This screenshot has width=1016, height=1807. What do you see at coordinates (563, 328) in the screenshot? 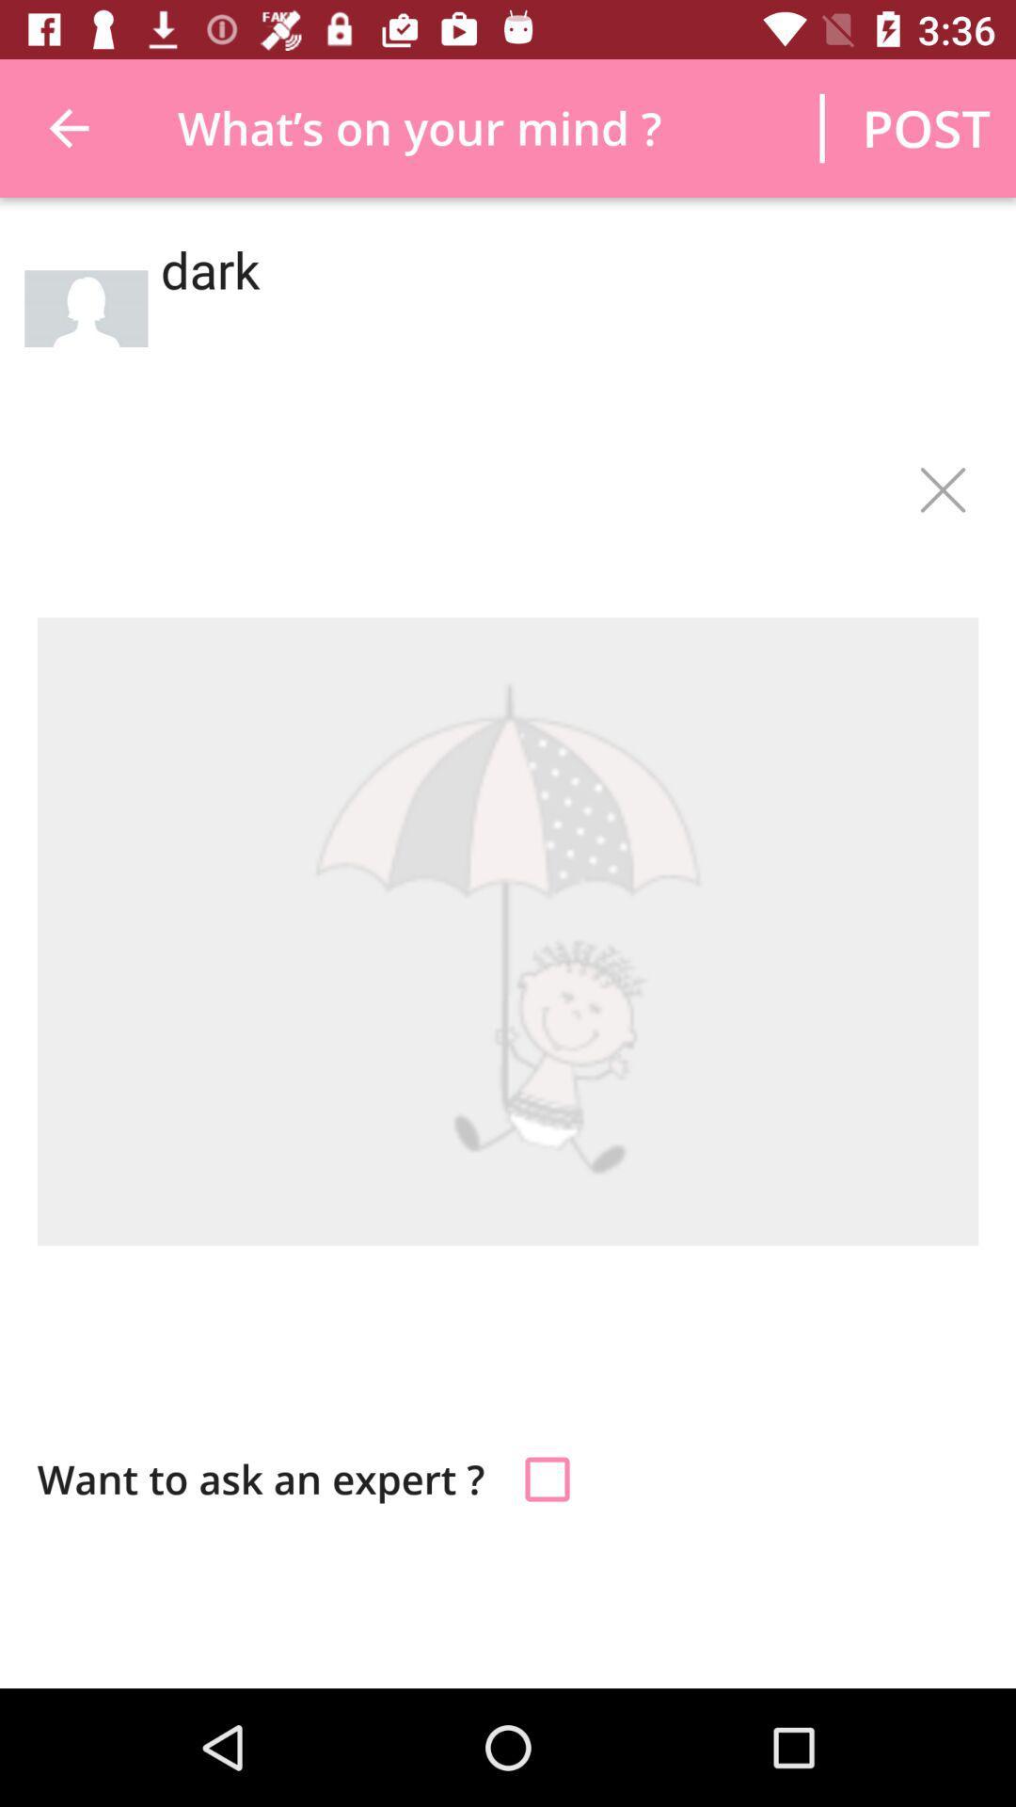
I see `item below the post` at bounding box center [563, 328].